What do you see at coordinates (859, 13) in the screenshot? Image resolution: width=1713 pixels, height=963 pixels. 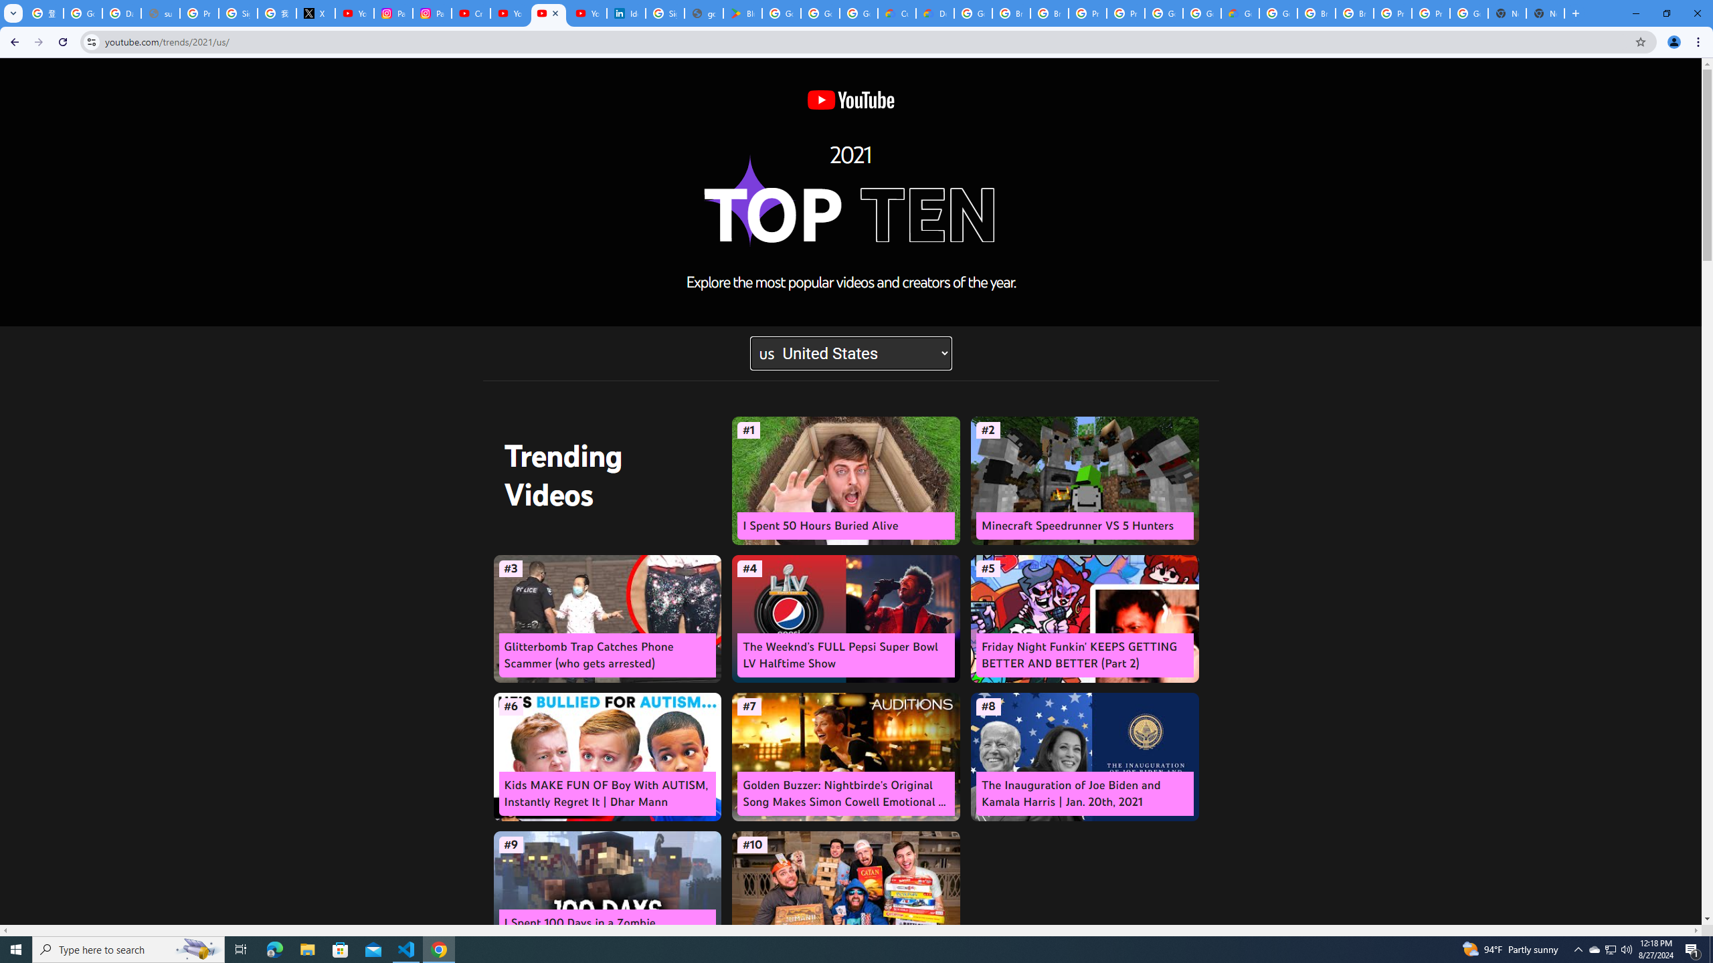 I see `'Google Workspace - Specific Terms'` at bounding box center [859, 13].